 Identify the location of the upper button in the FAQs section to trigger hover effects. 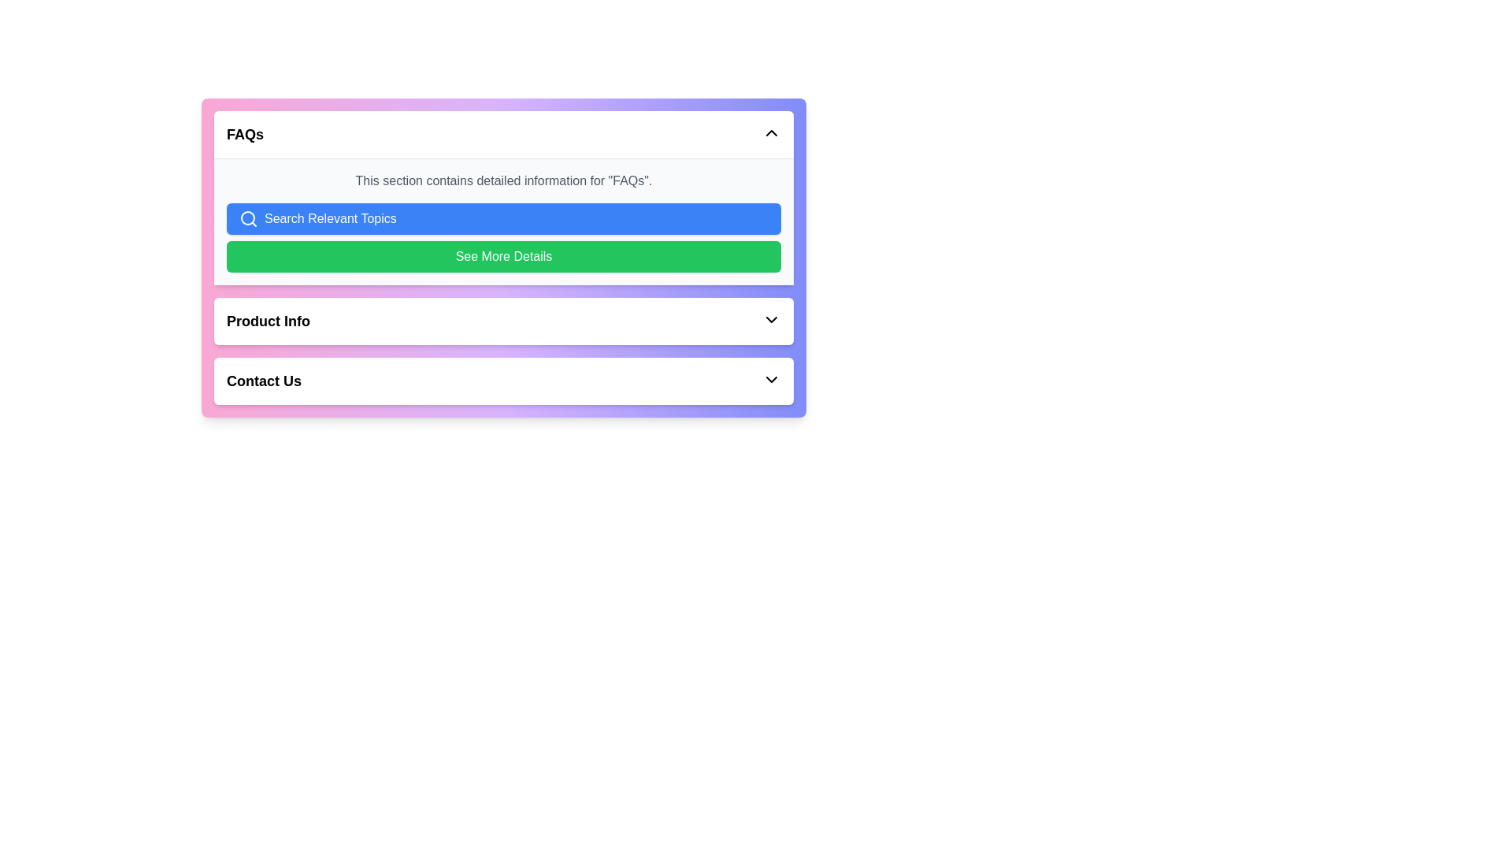
(502, 221).